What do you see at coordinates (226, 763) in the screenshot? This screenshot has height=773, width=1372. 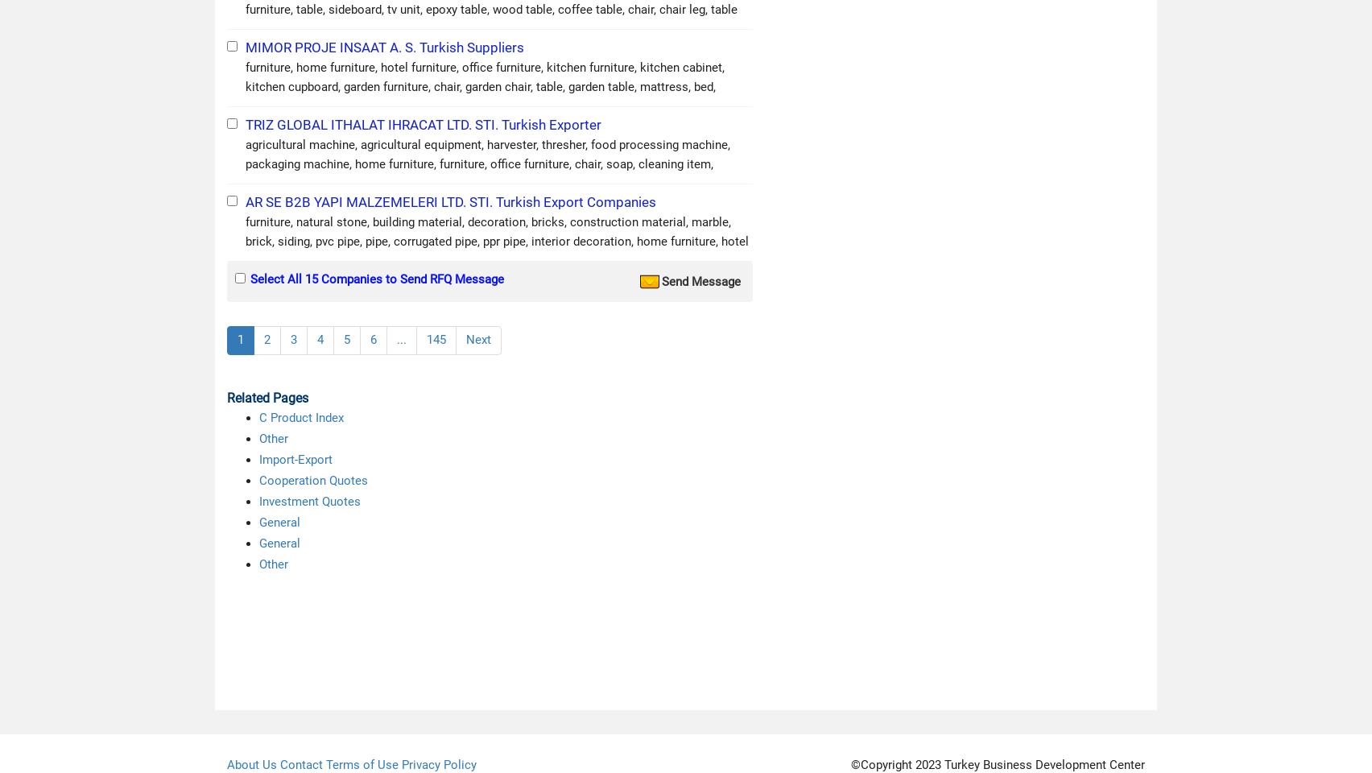 I see `'About Us'` at bounding box center [226, 763].